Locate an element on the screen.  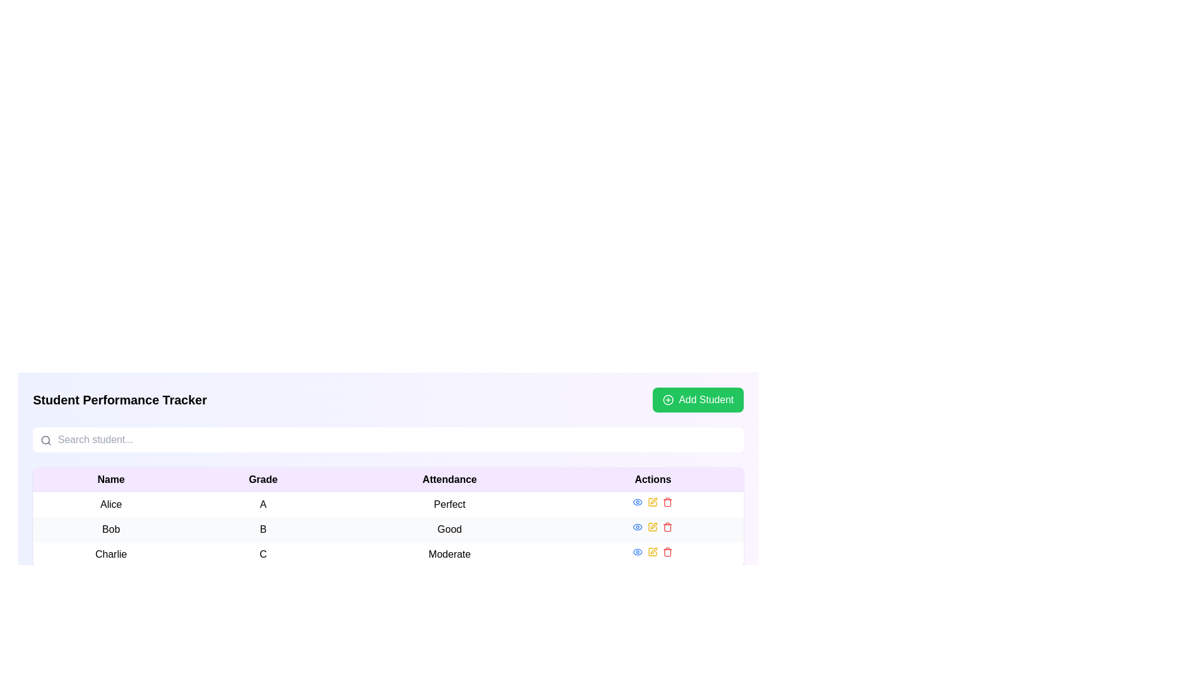
the delete button located at the bottom-right corner of the 'Actions' column in the last row of the table, aligned with the 'Moderate' attendance entry is located at coordinates (667, 551).